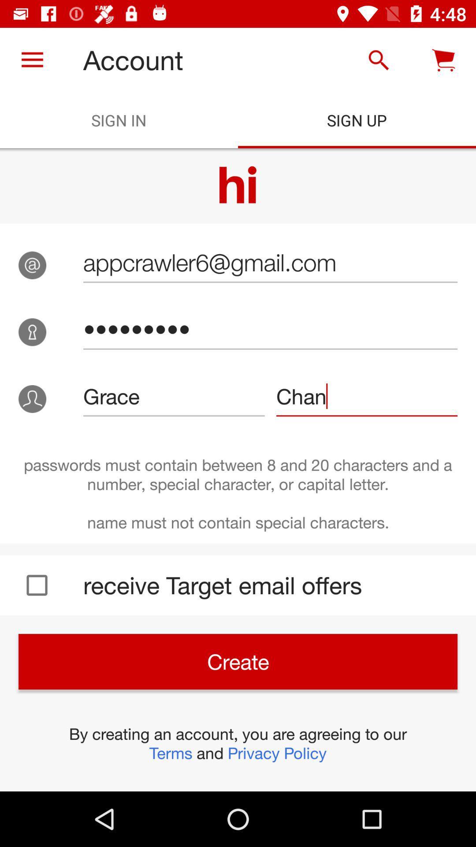 The height and width of the screenshot is (847, 476). What do you see at coordinates (174, 396) in the screenshot?
I see `grace icon` at bounding box center [174, 396].